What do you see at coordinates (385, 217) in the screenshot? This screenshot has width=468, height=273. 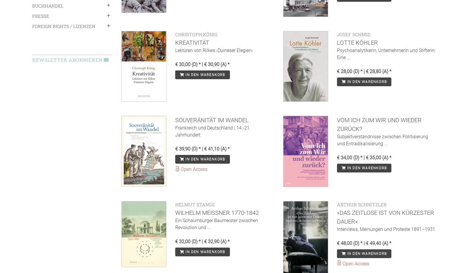 I see `'»Das Zeitlose ist von kürzester Dauer«'` at bounding box center [385, 217].